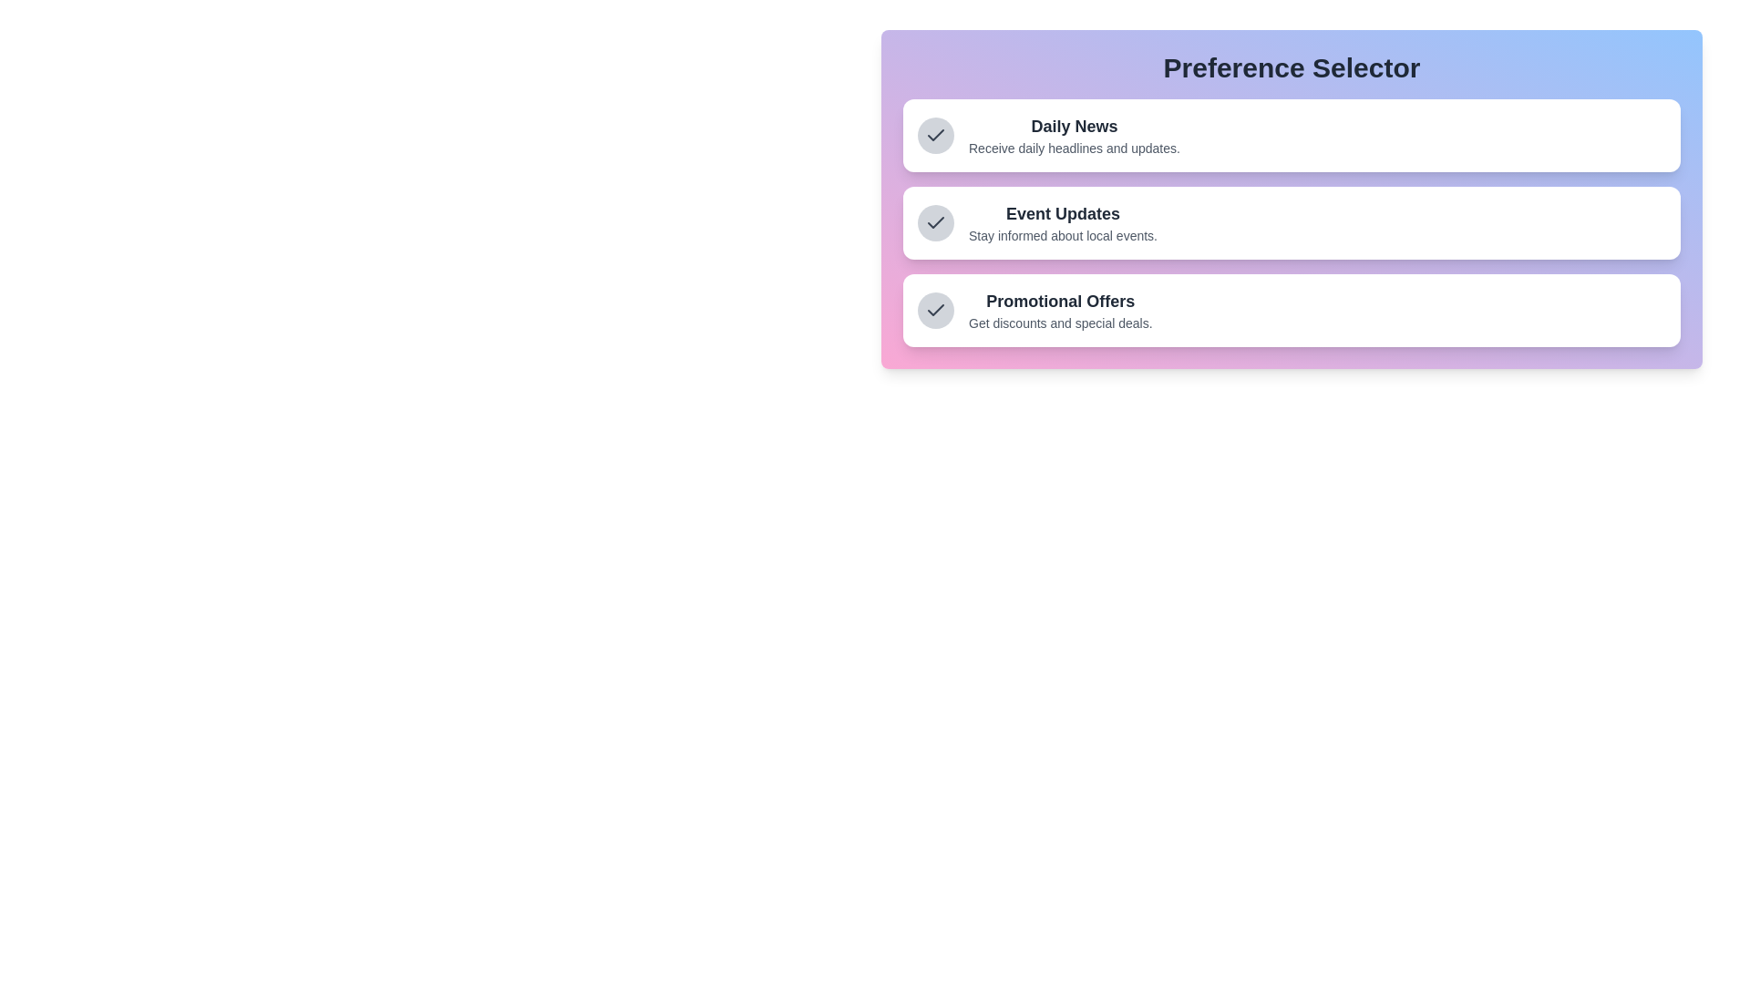 The width and height of the screenshot is (1750, 984). What do you see at coordinates (936, 135) in the screenshot?
I see `the preference item Daily News to focus on it` at bounding box center [936, 135].